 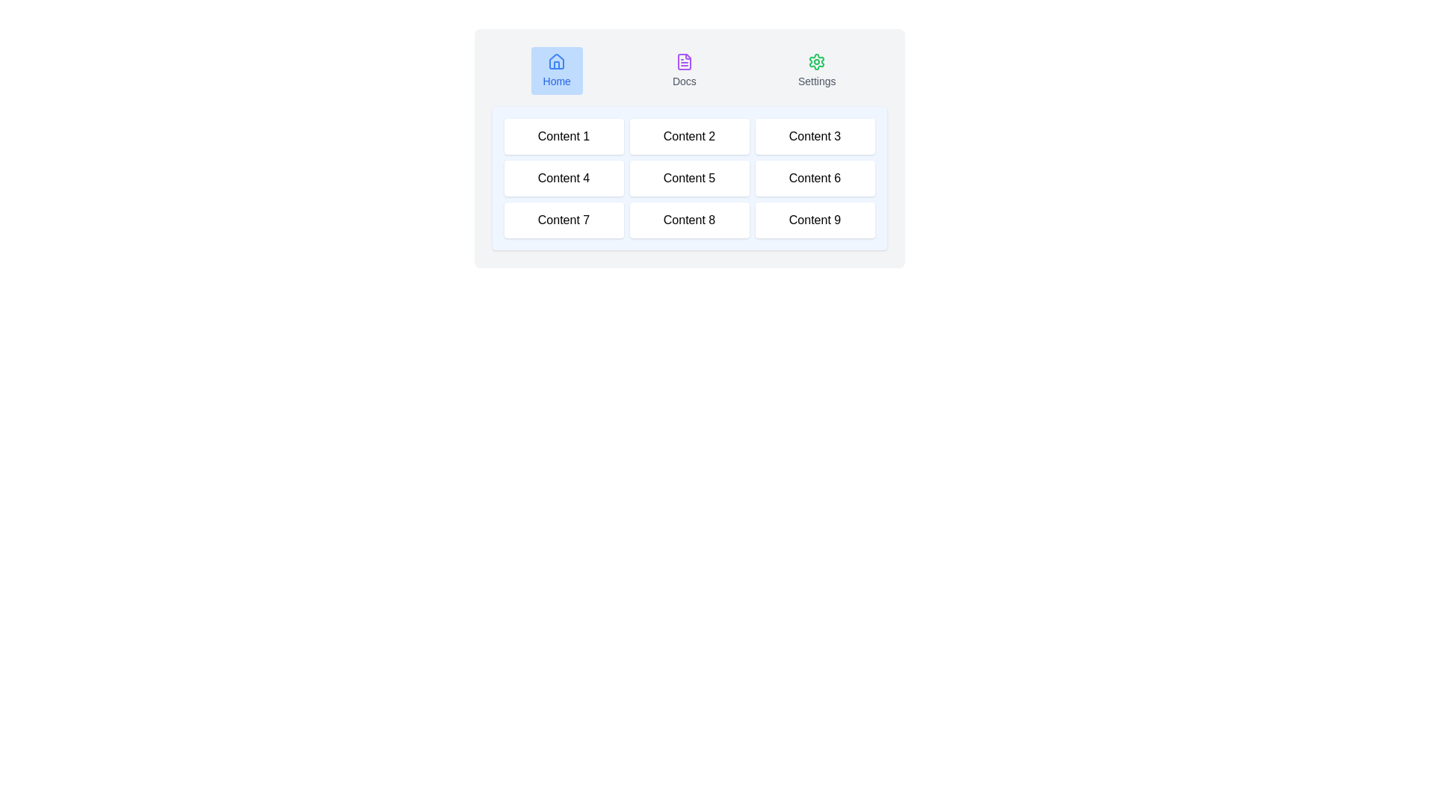 What do you see at coordinates (556, 71) in the screenshot?
I see `the Home tab by clicking on its respective button` at bounding box center [556, 71].